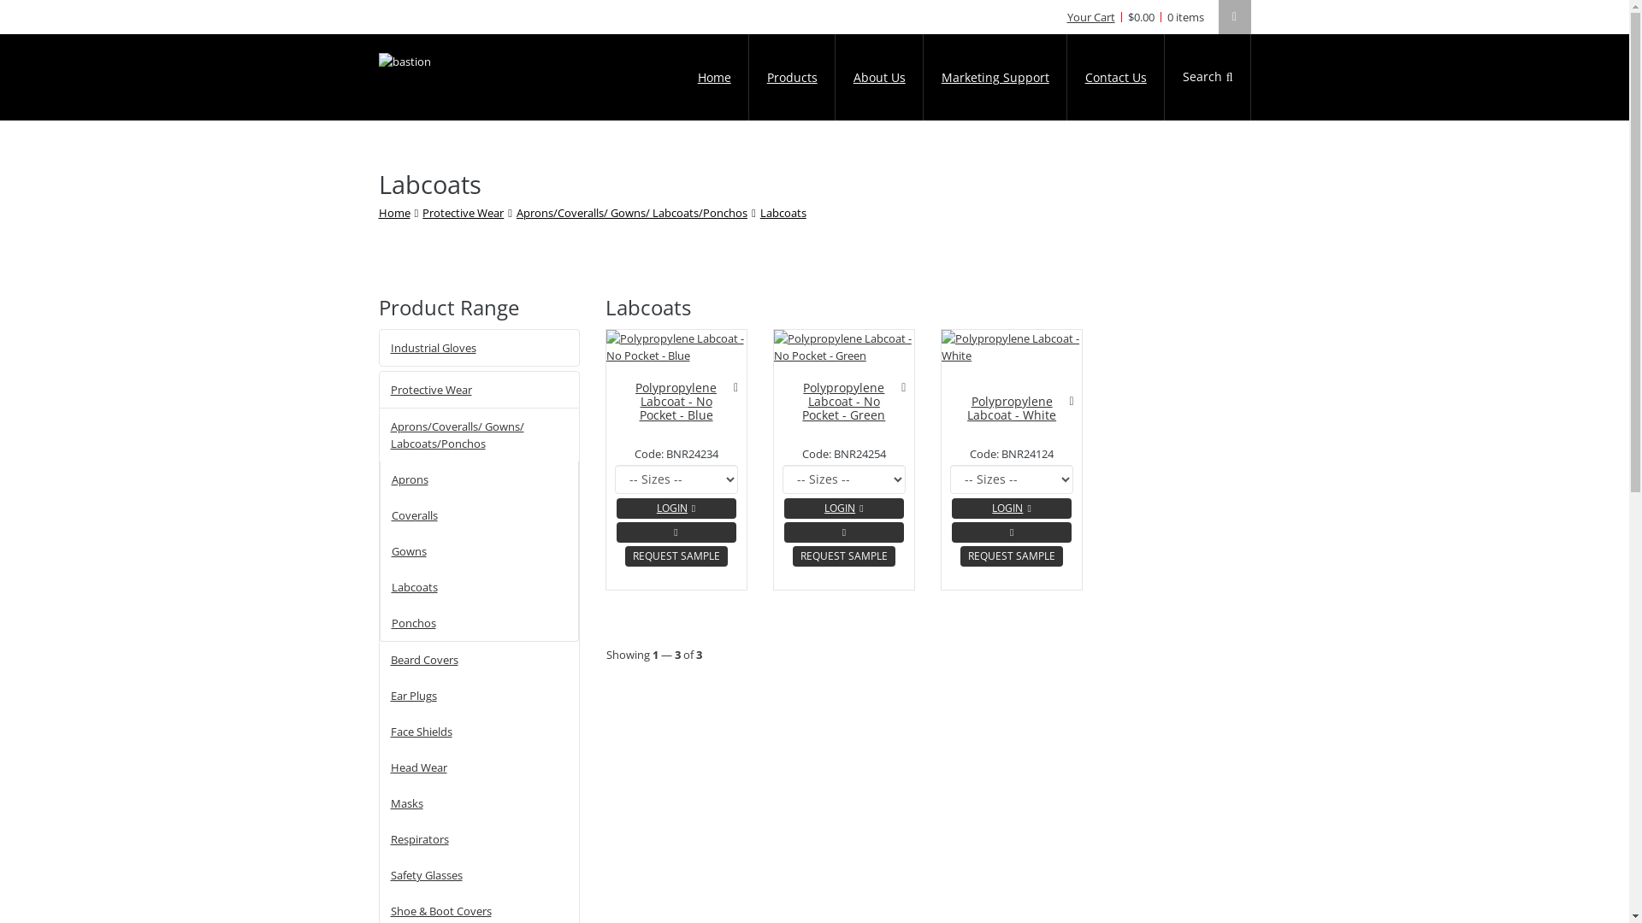 Image resolution: width=1642 pixels, height=923 pixels. What do you see at coordinates (623, 556) in the screenshot?
I see `'REQUEST SAMPLE'` at bounding box center [623, 556].